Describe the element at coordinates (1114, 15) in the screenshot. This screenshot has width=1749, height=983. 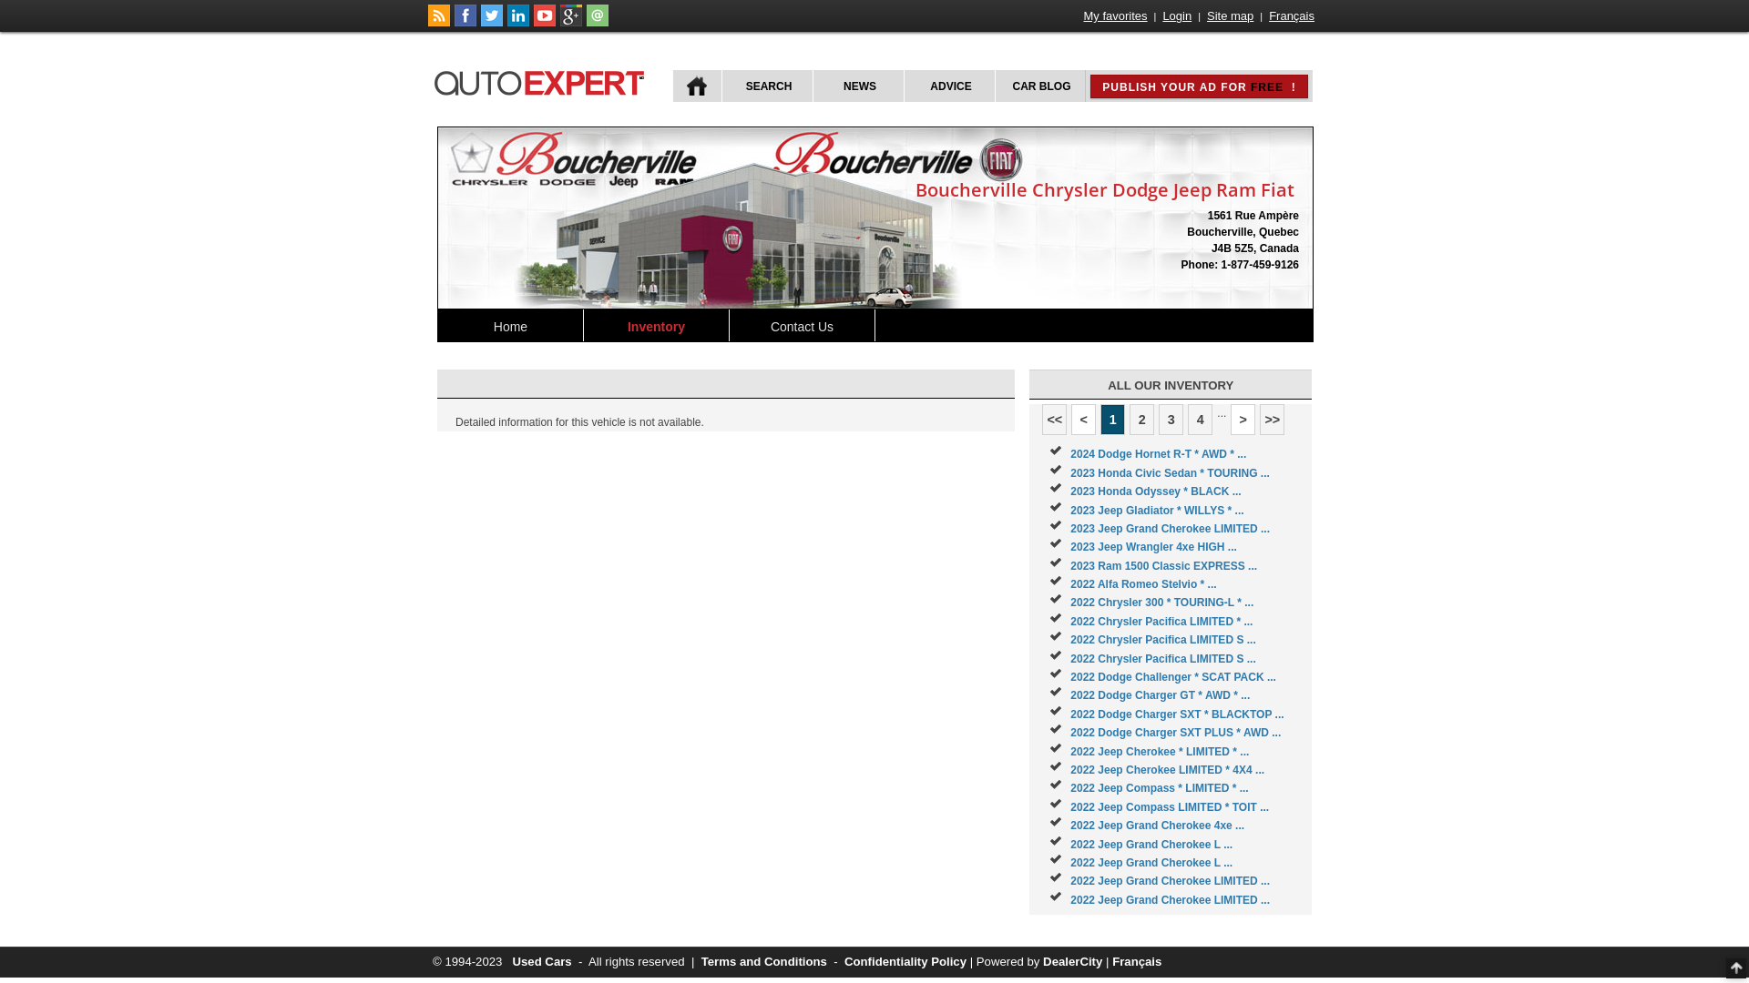
I see `'My favorites'` at that location.